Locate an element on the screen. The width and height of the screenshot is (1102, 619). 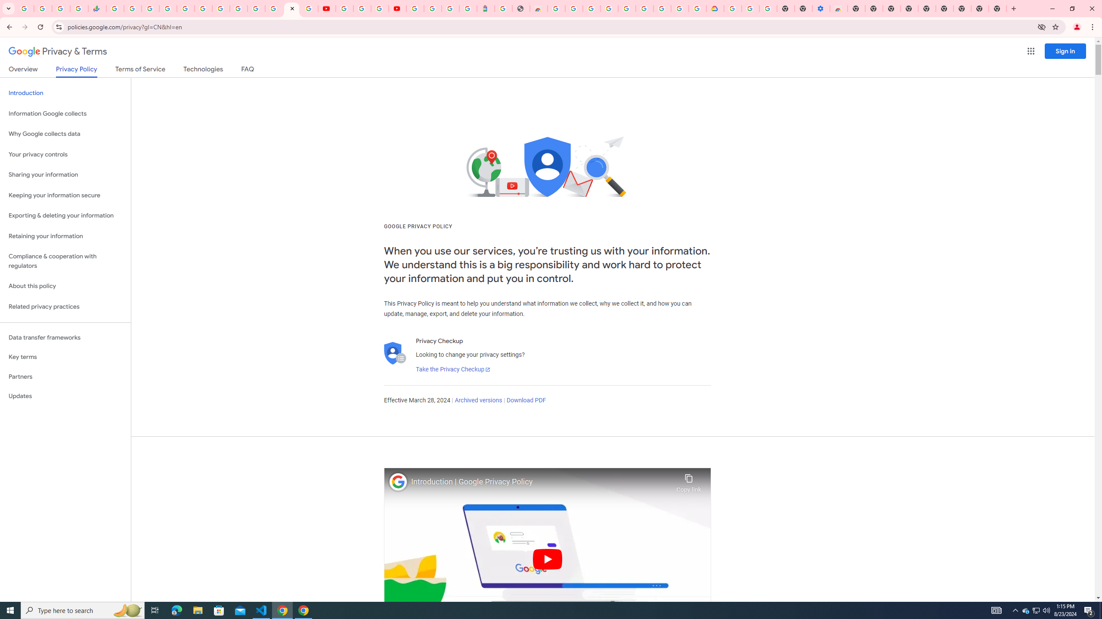
'Settings - Accessibility' is located at coordinates (821, 8).